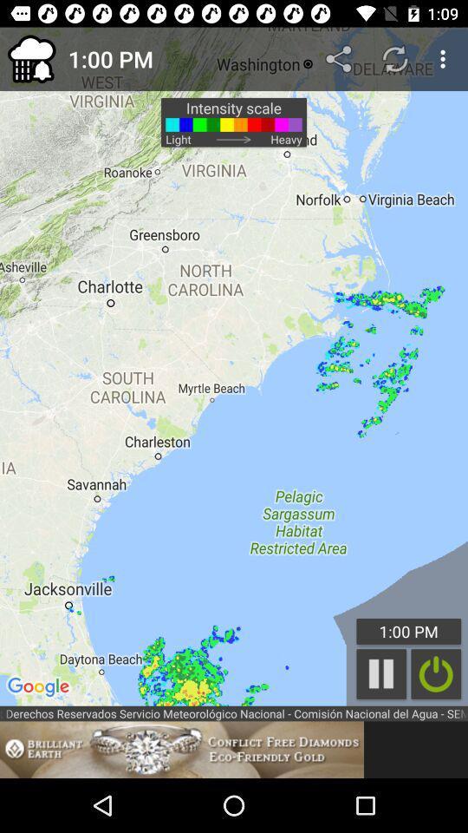  What do you see at coordinates (381, 673) in the screenshot?
I see `pause selection` at bounding box center [381, 673].